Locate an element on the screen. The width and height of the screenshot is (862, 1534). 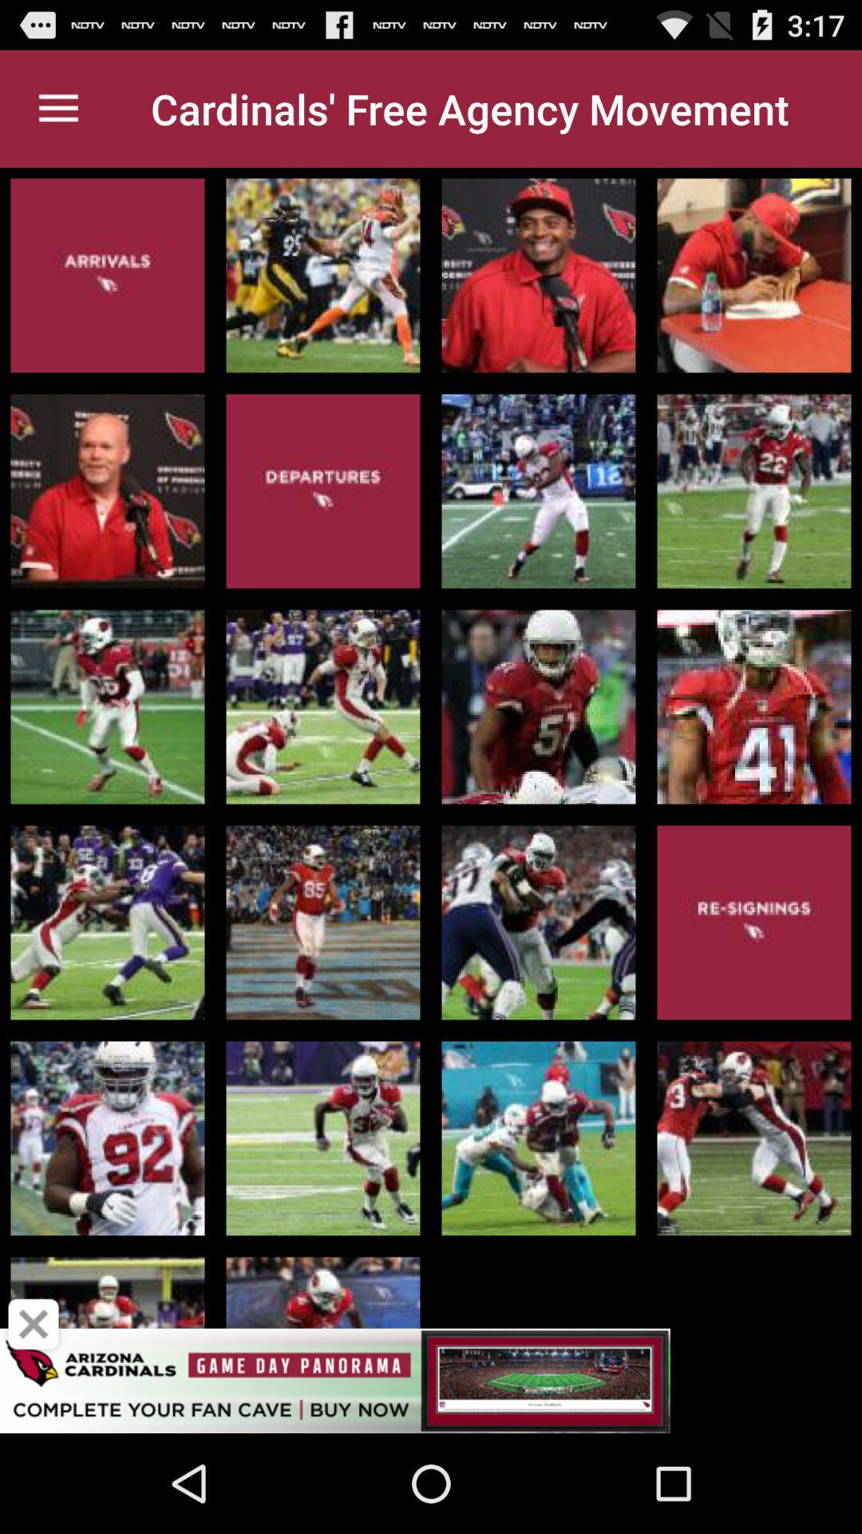
to close an add is located at coordinates (34, 1324).